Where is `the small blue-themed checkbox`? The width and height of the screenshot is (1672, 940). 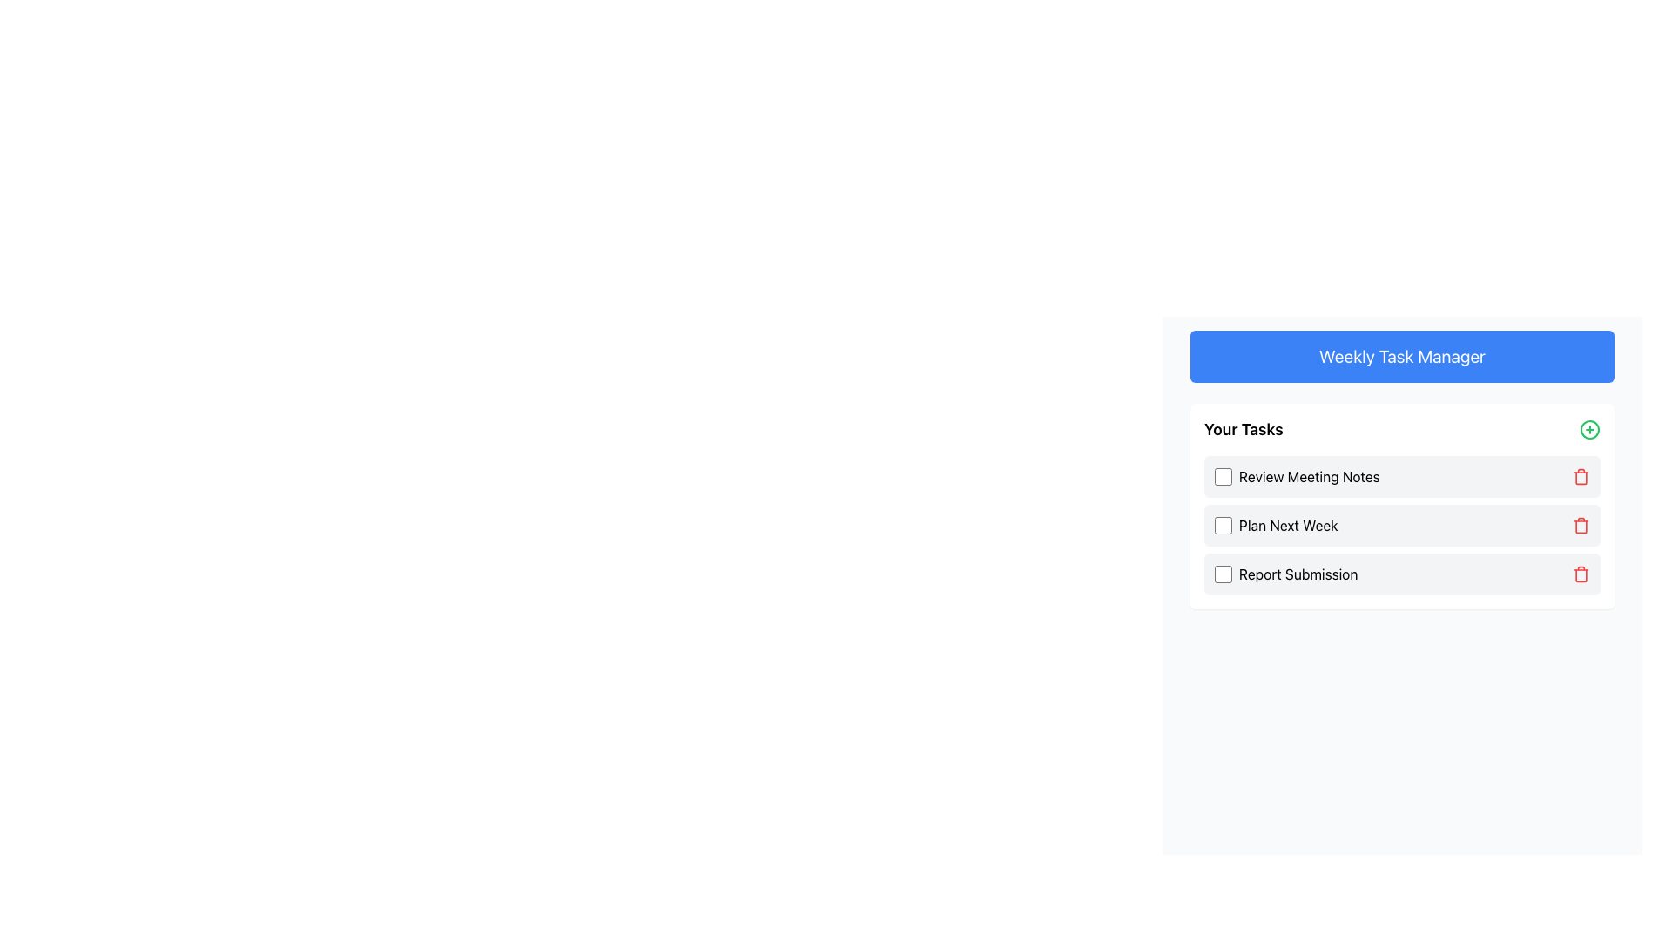
the small blue-themed checkbox is located at coordinates (1223, 525).